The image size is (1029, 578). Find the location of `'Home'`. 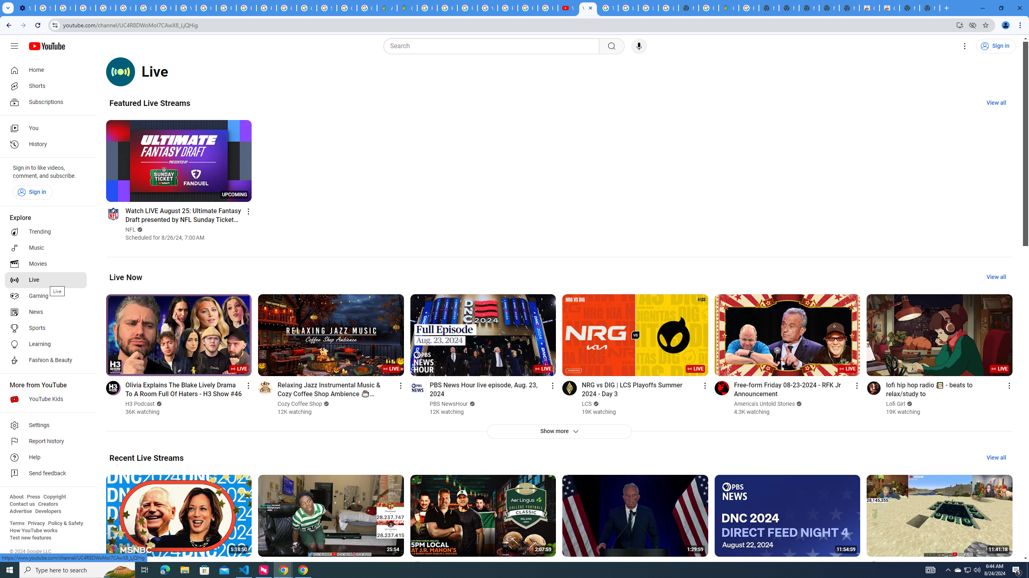

'Home' is located at coordinates (45, 69).